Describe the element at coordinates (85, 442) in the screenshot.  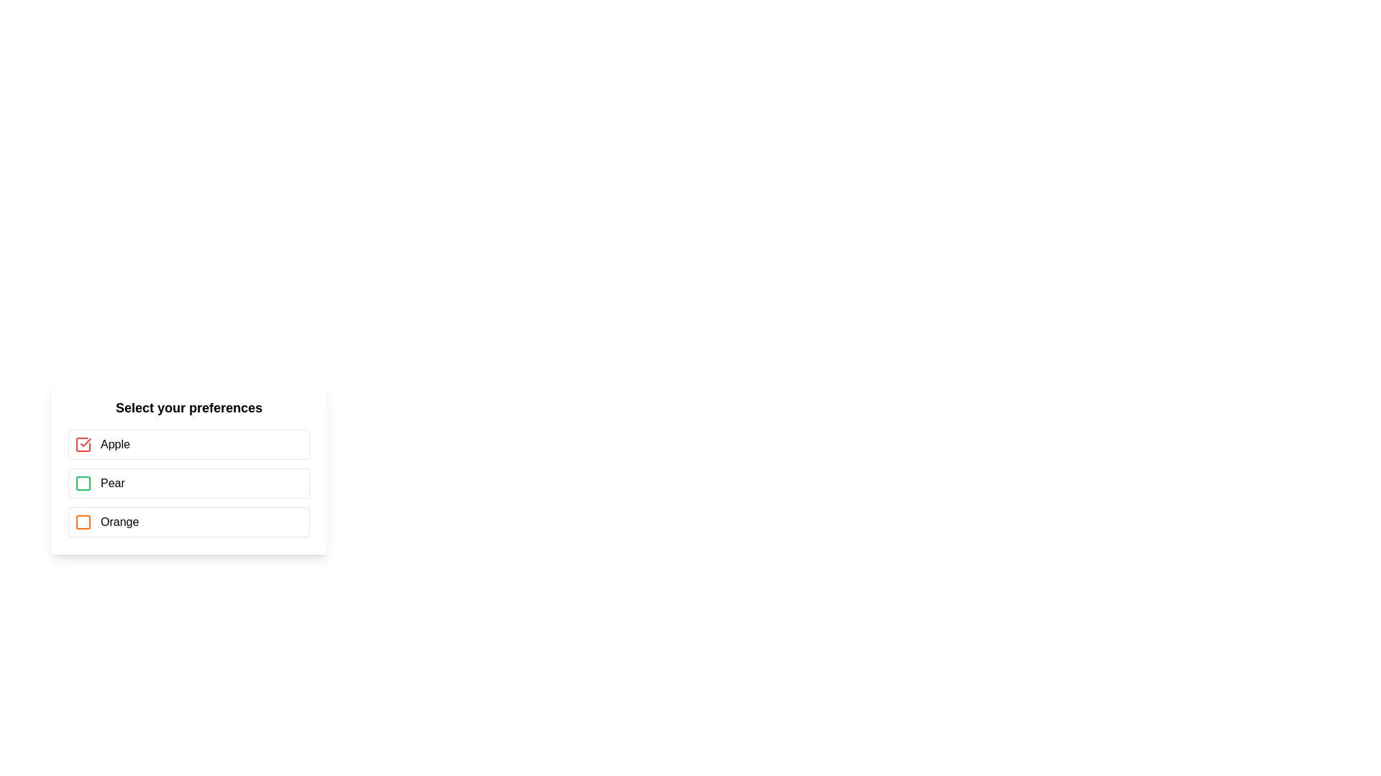
I see `the checkmark icon, which is a bold stroke tick shape within a red-colored checkbox indicating selection or validation` at that location.